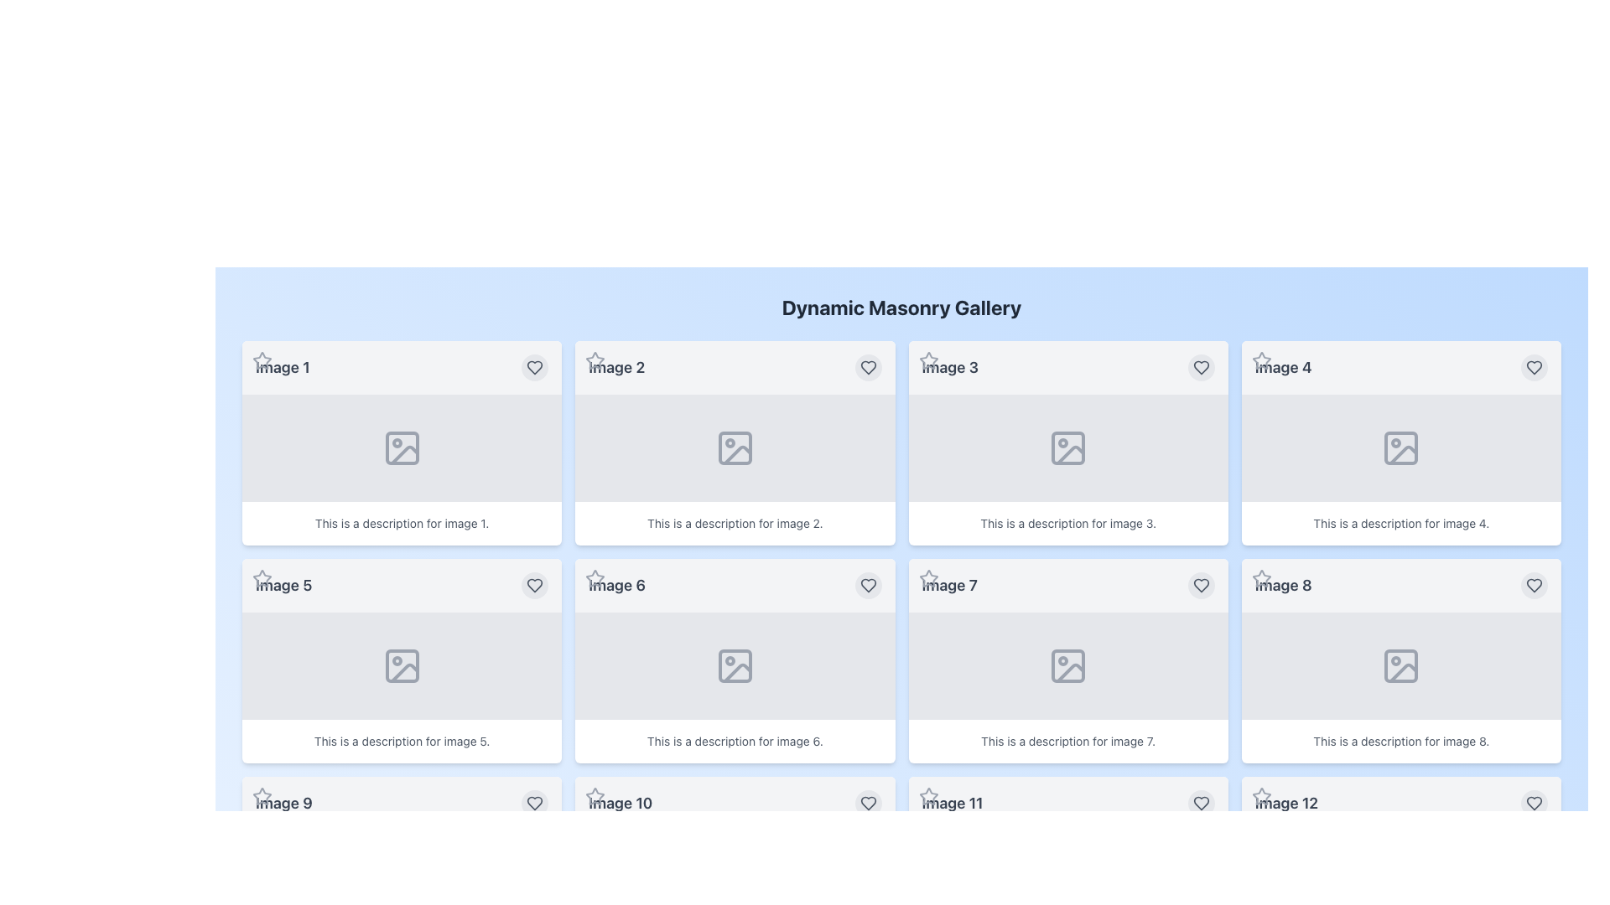 The height and width of the screenshot is (905, 1610). Describe the element at coordinates (1067, 665) in the screenshot. I see `the image icon with a rounded rectangular frame and a gray color scheme, located in the seventh card of a 4x3 grid layout` at that location.